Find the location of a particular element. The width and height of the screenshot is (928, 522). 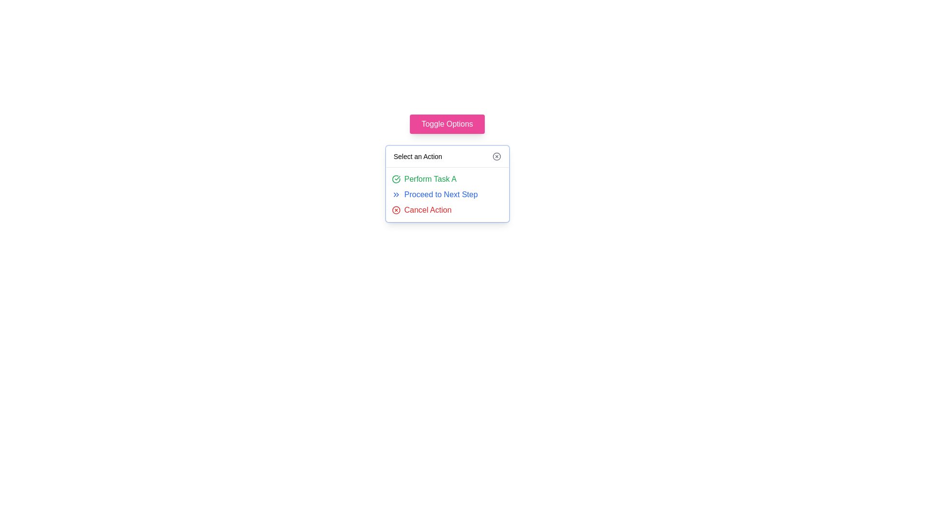

the Text button with an icon, which is the third entry in the list below 'Perform Task A' and 'Proceed to Next Step', to observe the hover effect is located at coordinates (447, 210).